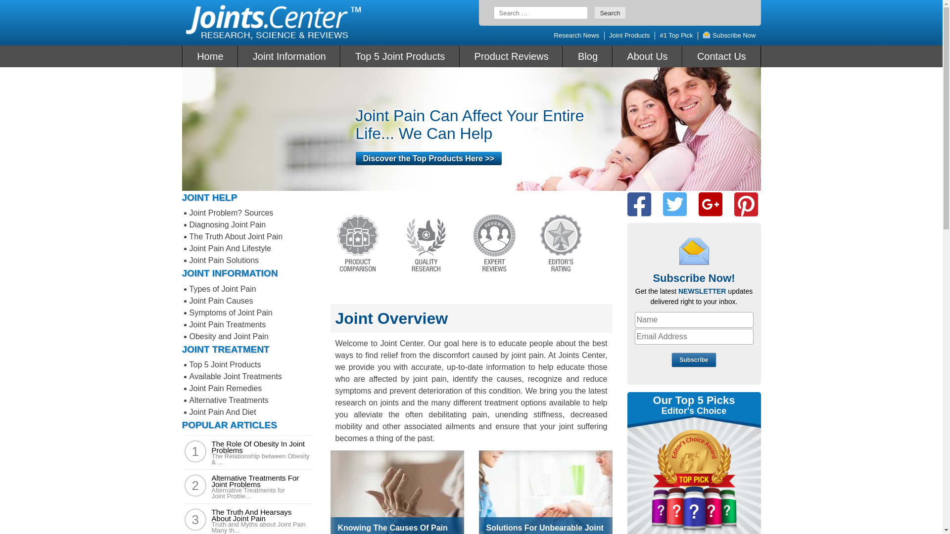 The image size is (950, 534). What do you see at coordinates (721, 56) in the screenshot?
I see `'Contact Us'` at bounding box center [721, 56].